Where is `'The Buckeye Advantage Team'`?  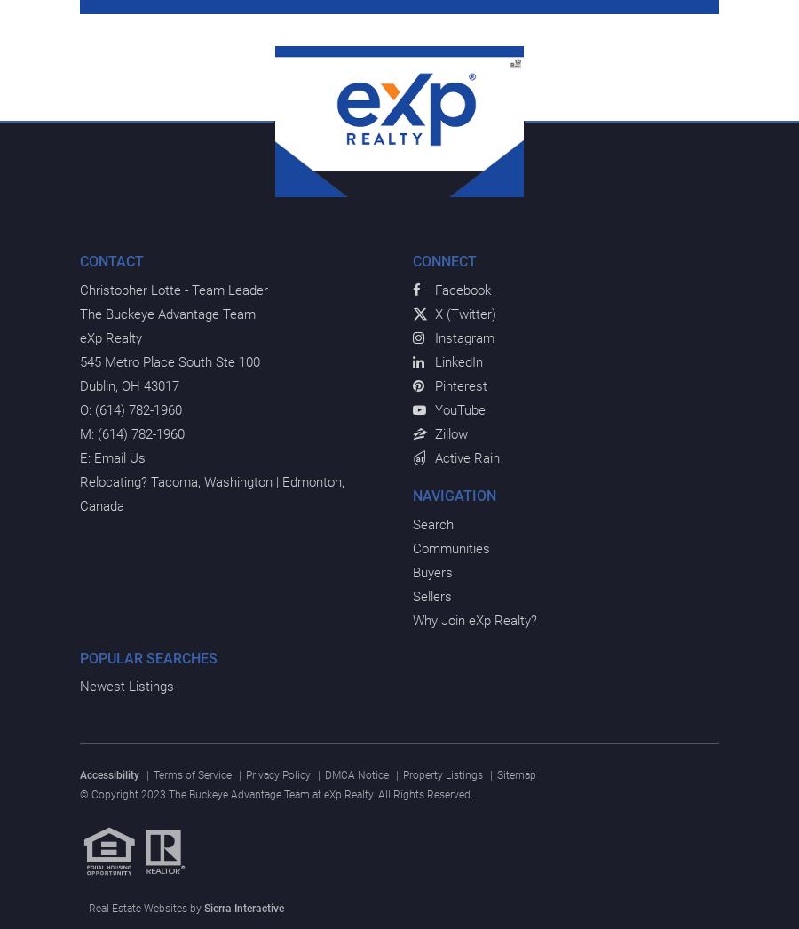 'The Buckeye Advantage Team' is located at coordinates (168, 313).